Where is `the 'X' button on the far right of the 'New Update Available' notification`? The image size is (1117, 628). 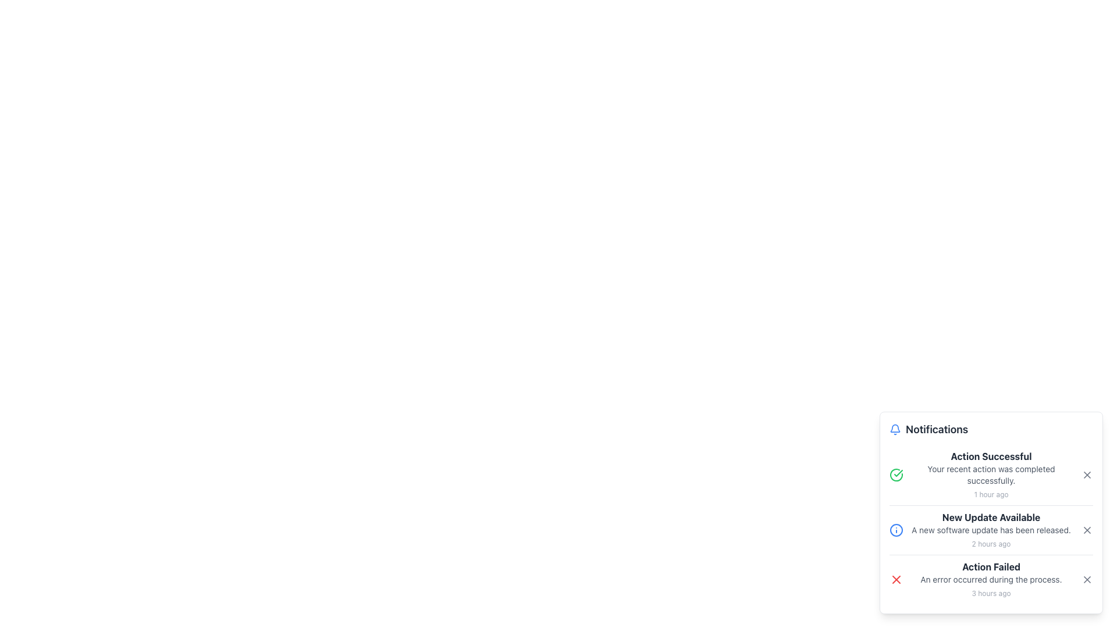
the 'X' button on the far right of the 'New Update Available' notification is located at coordinates (1086, 530).